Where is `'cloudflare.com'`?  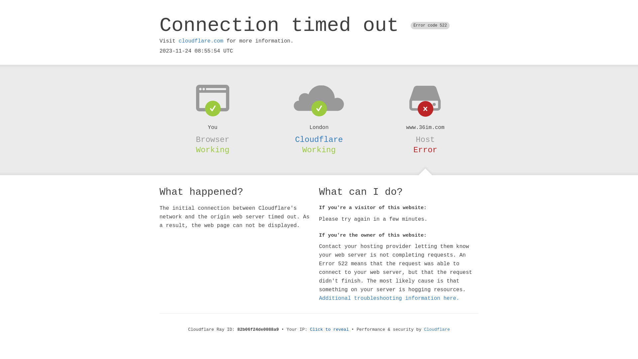 'cloudflare.com' is located at coordinates (178, 41).